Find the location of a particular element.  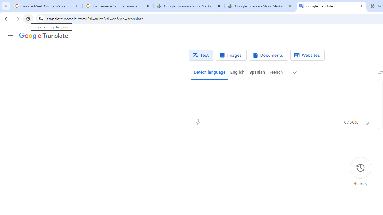

'English' is located at coordinates (237, 72).